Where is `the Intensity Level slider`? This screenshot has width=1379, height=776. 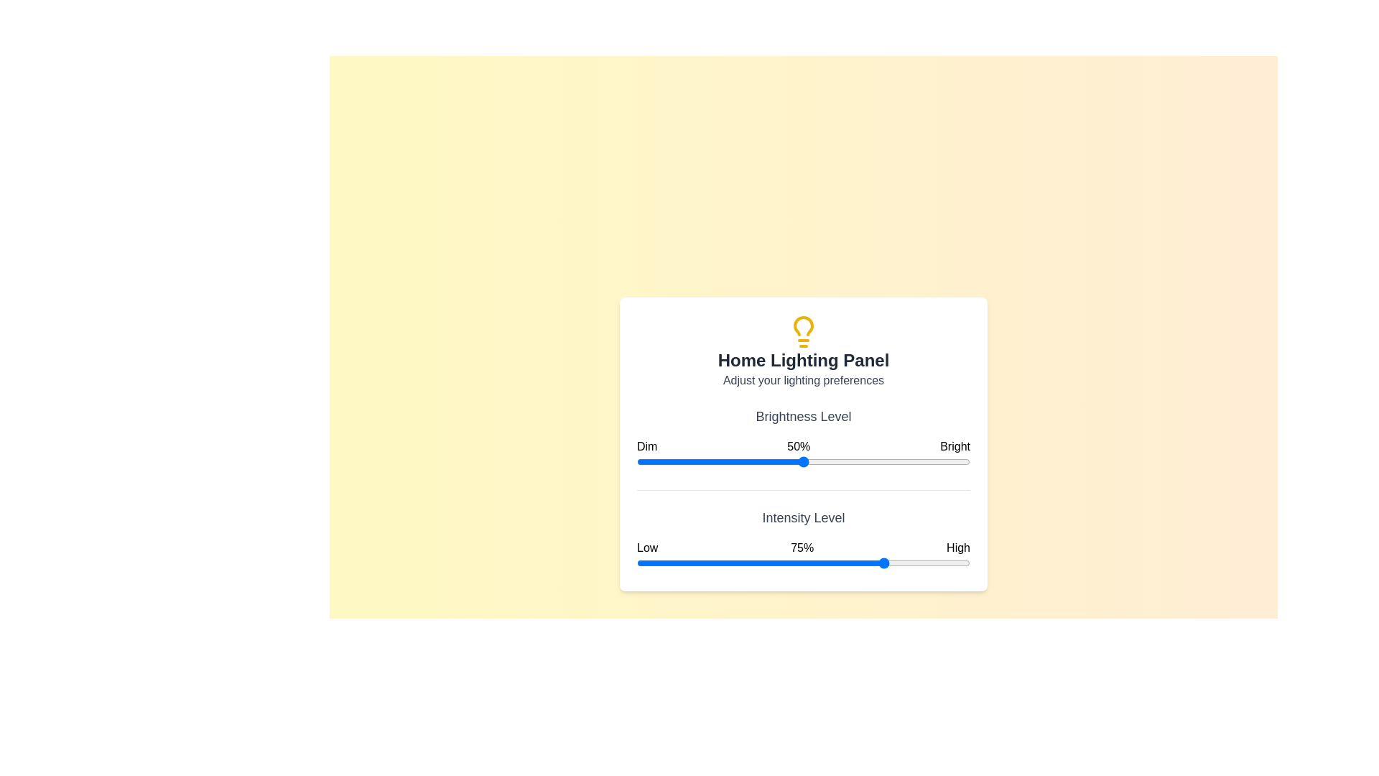 the Intensity Level slider is located at coordinates (843, 562).